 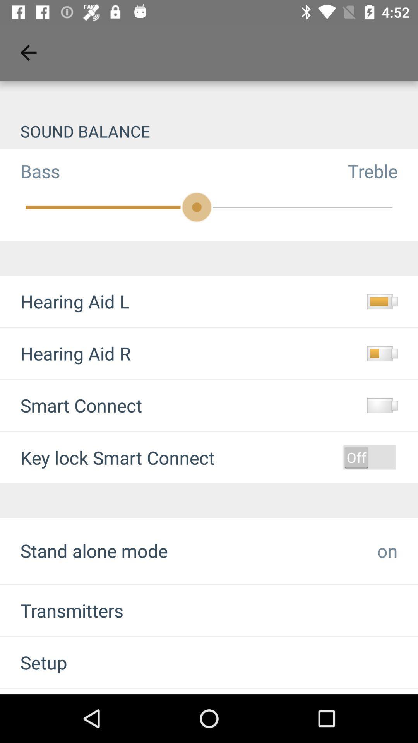 I want to click on the item next to treble icon, so click(x=29, y=171).